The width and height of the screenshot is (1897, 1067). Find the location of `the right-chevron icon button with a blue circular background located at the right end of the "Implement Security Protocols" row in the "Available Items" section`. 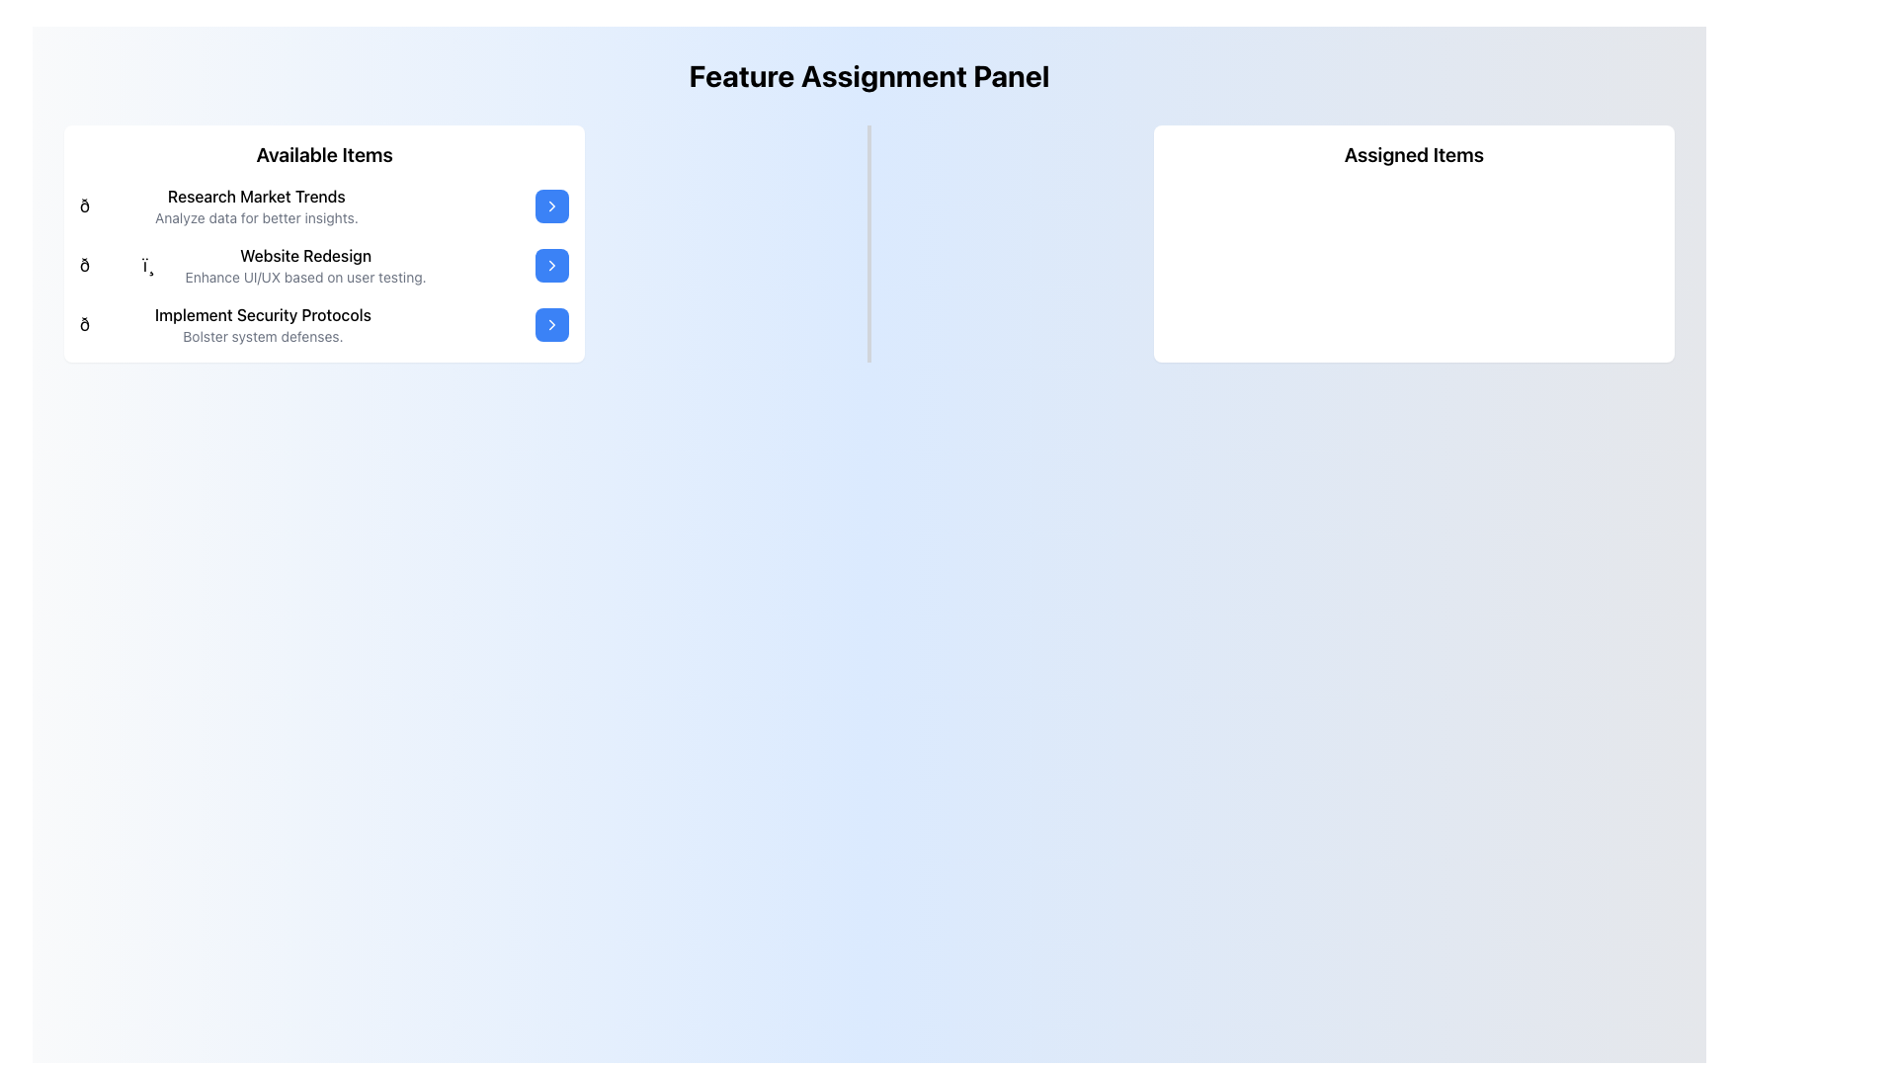

the right-chevron icon button with a blue circular background located at the right end of the "Implement Security Protocols" row in the "Available Items" section is located at coordinates (552, 323).